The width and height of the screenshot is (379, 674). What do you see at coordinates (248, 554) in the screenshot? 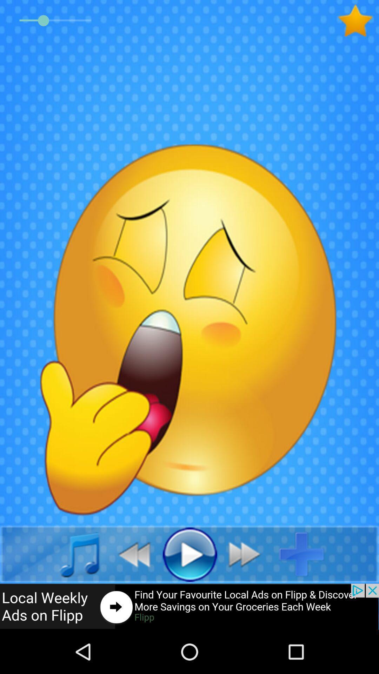
I see `playmove` at bounding box center [248, 554].